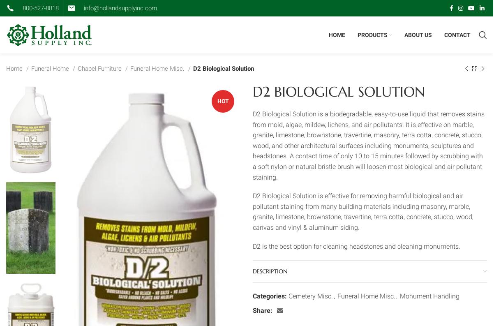 This screenshot has height=326, width=494. Describe the element at coordinates (378, 166) in the screenshot. I see `'Urn Vaults'` at that location.